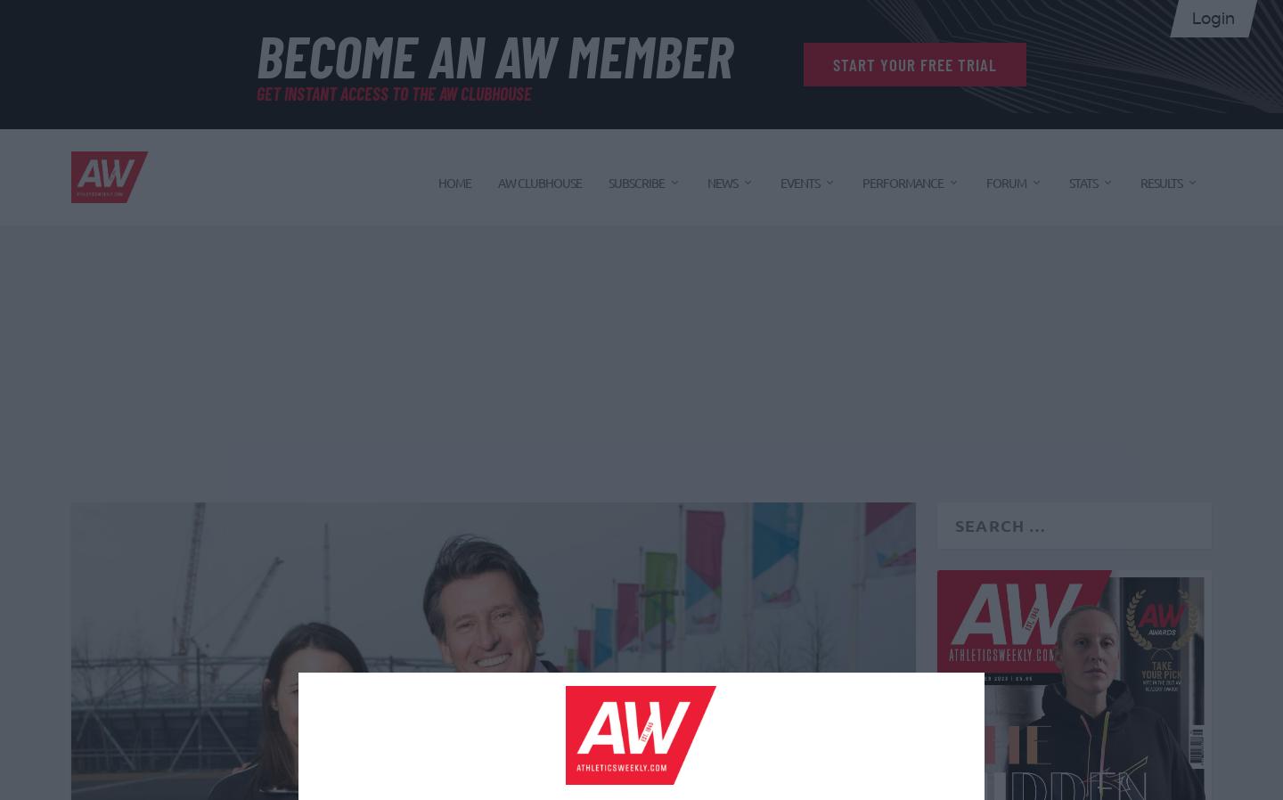 The height and width of the screenshot is (800, 1283). Describe the element at coordinates (744, 543) in the screenshot. I see `'Exclusive'` at that location.